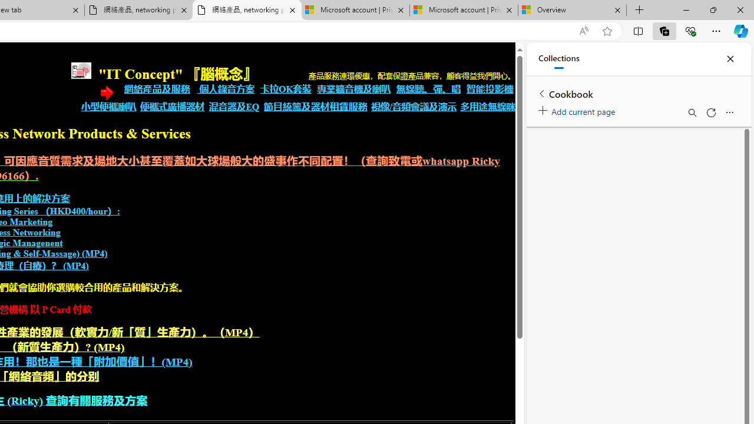 The width and height of the screenshot is (754, 424). Describe the element at coordinates (579, 110) in the screenshot. I see `'Add current page'` at that location.